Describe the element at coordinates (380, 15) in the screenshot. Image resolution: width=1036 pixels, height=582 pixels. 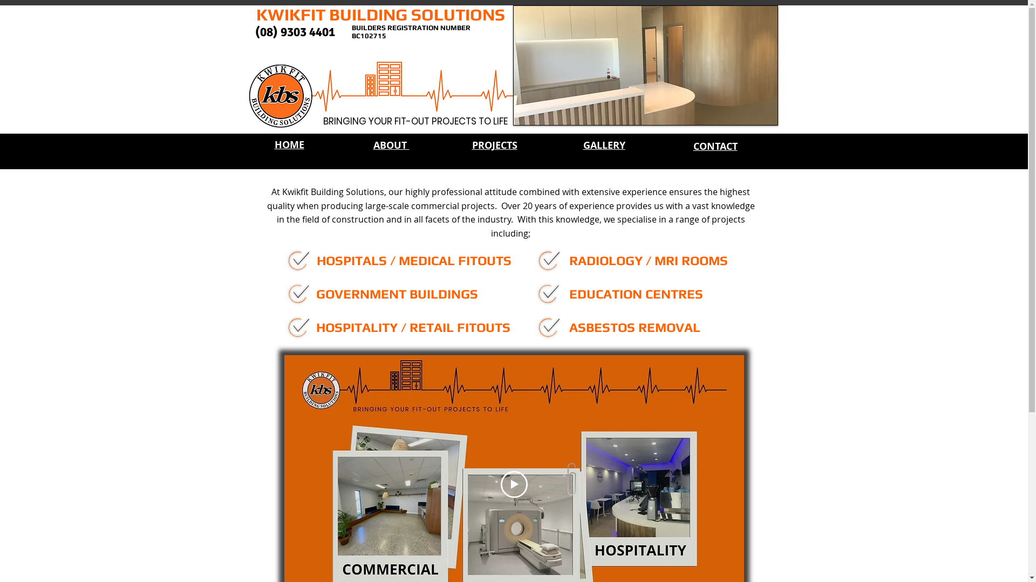
I see `'KWIKFIT BUILDING SOLUTIONS'` at that location.